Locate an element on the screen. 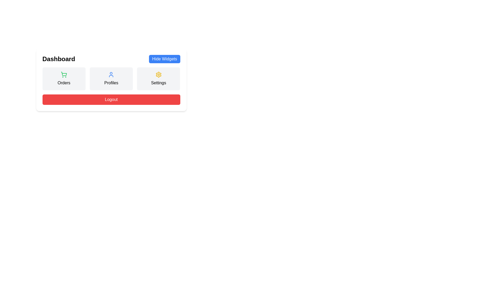 The width and height of the screenshot is (501, 281). the settings icon located in the settings box, positioned as the third item in a horizontal row of three elements is located at coordinates (158, 74).